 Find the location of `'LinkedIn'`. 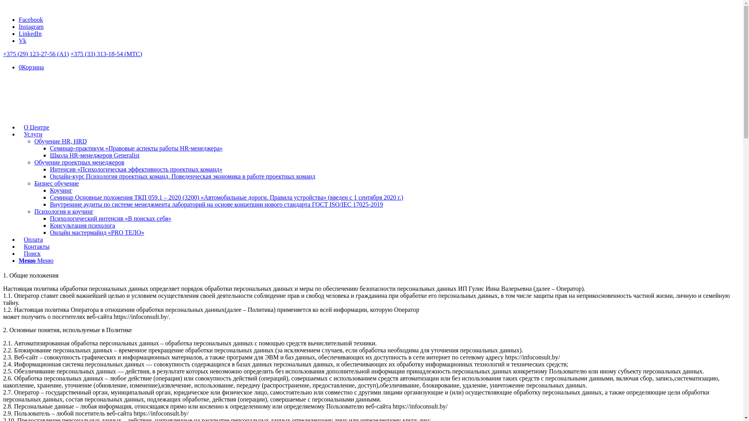

'LinkedIn' is located at coordinates (19, 33).